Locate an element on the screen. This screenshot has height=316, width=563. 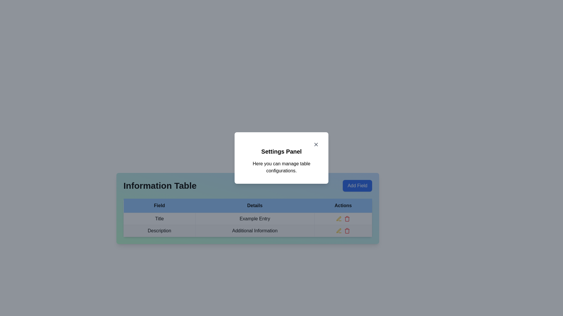
the Text label in the first cell of the row under the 'Field' column in the table, which identifies the corresponding details for 'Example Entry' is located at coordinates (159, 219).